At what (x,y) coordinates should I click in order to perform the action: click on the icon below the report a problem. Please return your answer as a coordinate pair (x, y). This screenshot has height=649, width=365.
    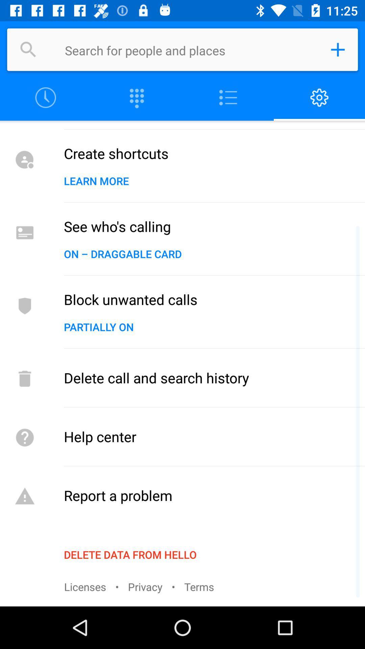
    Looking at the image, I should click on (130, 554).